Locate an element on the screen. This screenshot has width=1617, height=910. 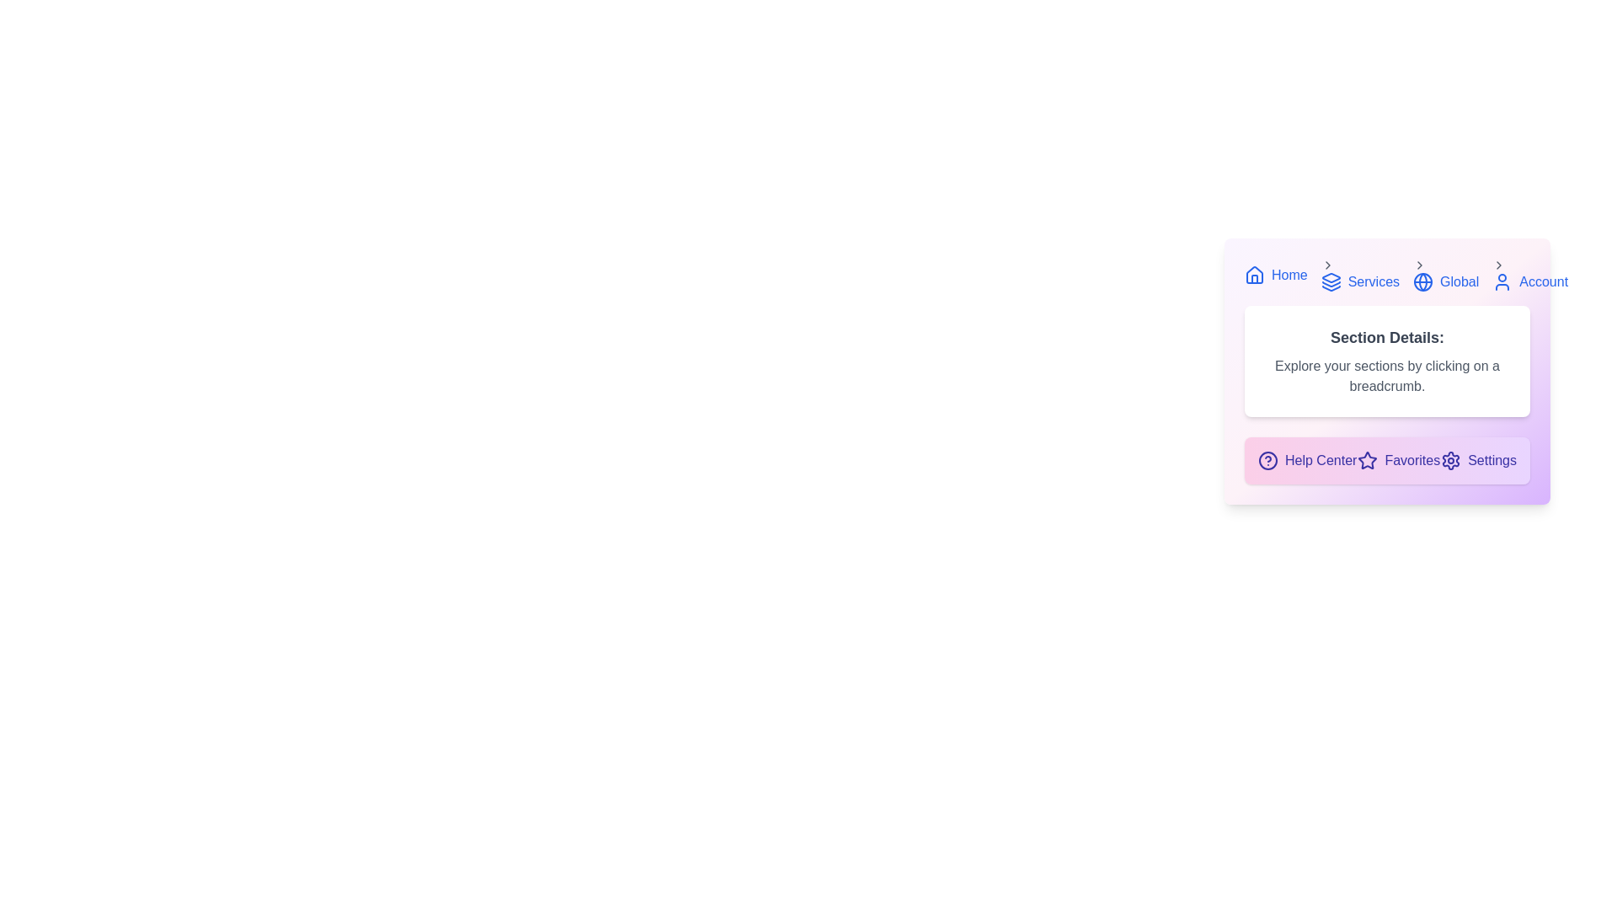
the Text label that provides access to the Help Center functionality, located in the second position from the left in a horizontal row at the bottom of a light purple interface box is located at coordinates (1320, 461).